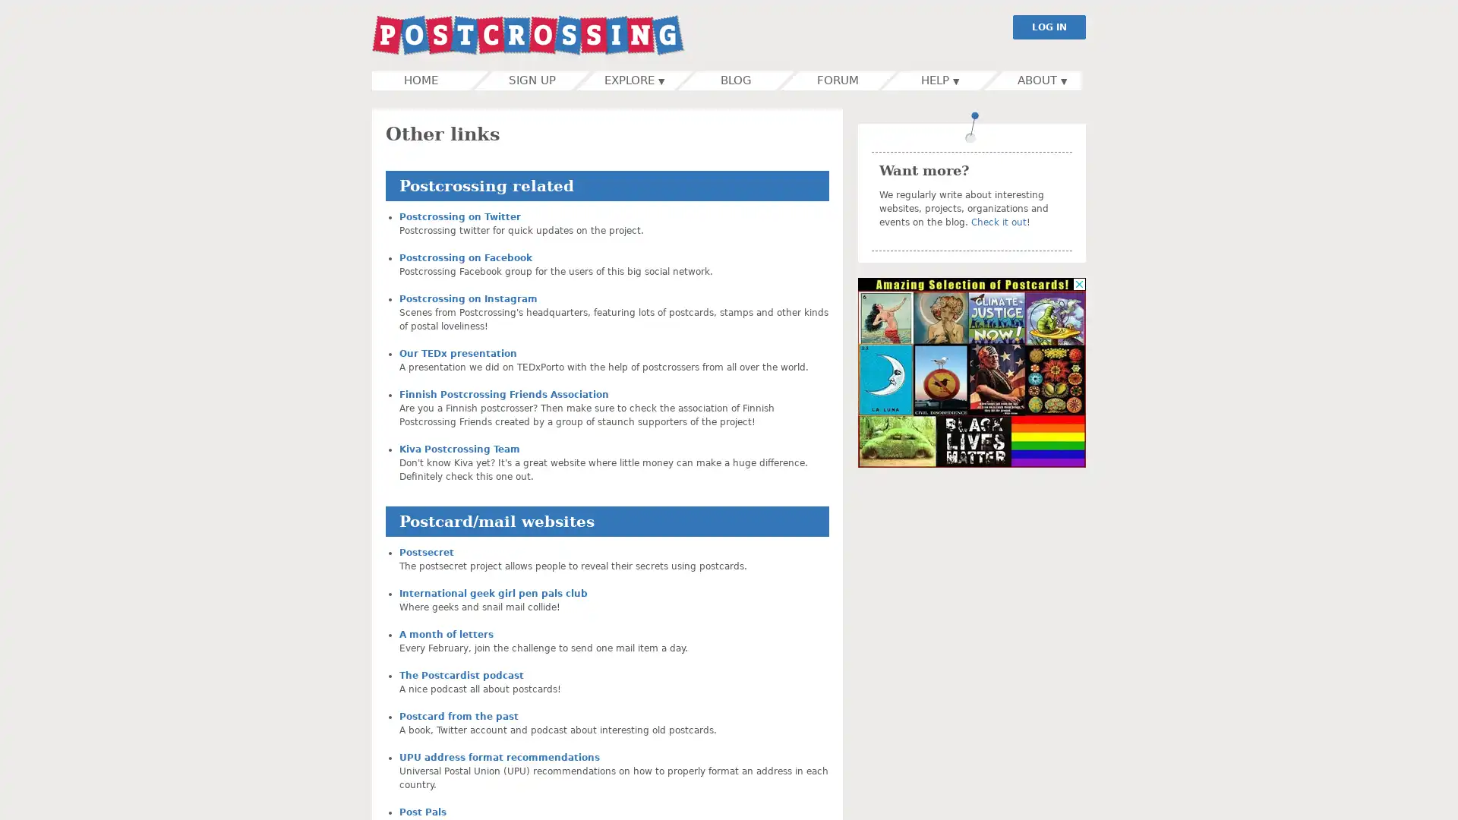 The height and width of the screenshot is (820, 1458). Describe the element at coordinates (1049, 27) in the screenshot. I see `LOG IN` at that location.